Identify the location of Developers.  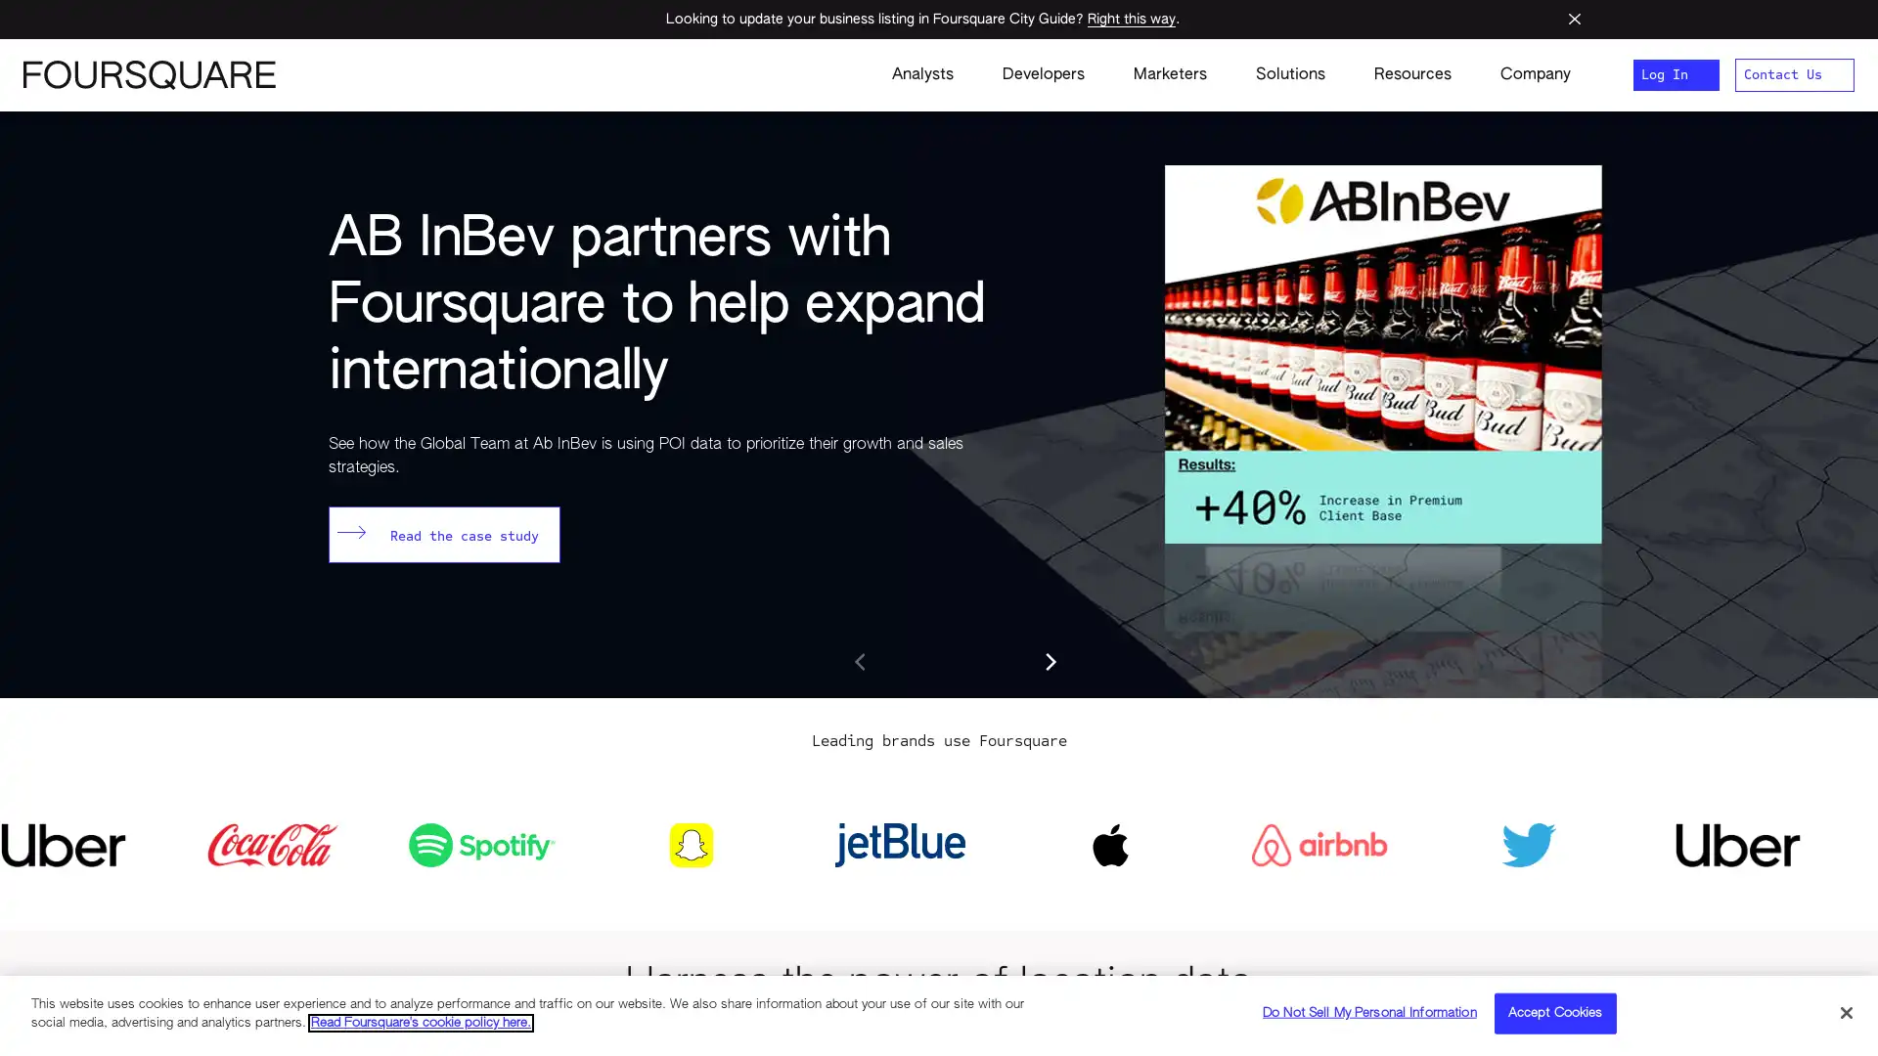
(1042, 74).